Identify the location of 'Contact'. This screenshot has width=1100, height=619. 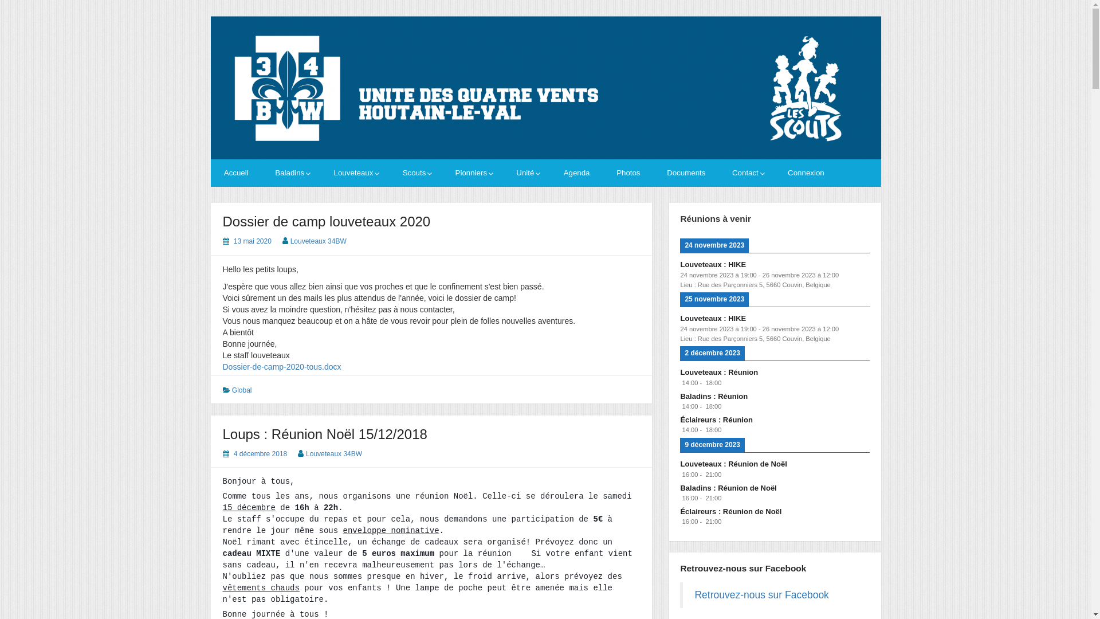
(747, 173).